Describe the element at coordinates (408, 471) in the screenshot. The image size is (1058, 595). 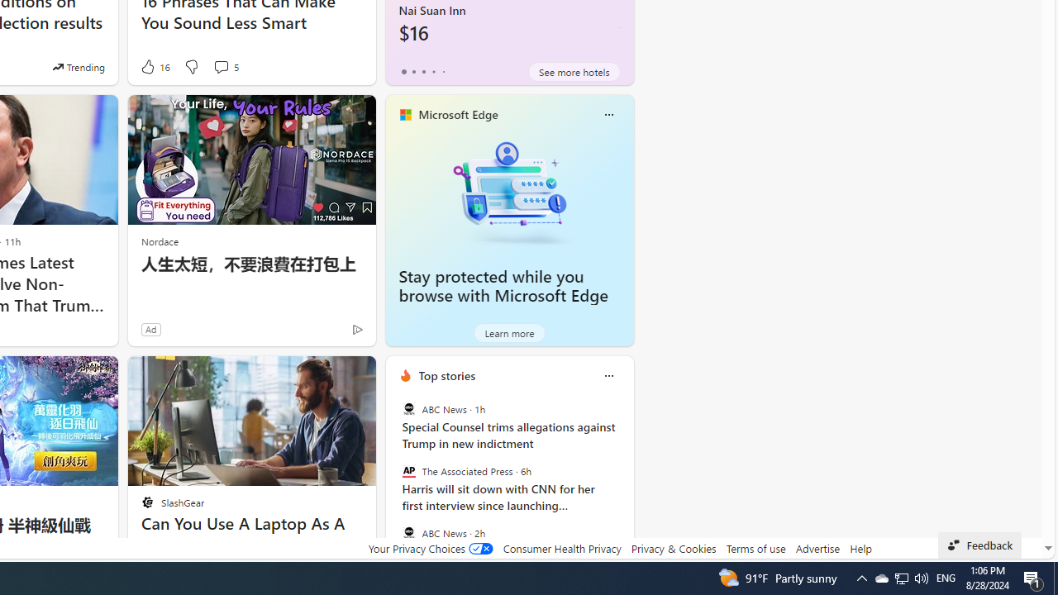
I see `'The Associated Press'` at that location.